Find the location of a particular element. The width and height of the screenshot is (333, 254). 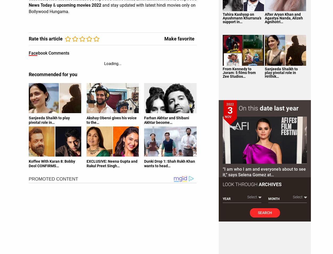

'Rate this article' is located at coordinates (46, 38).